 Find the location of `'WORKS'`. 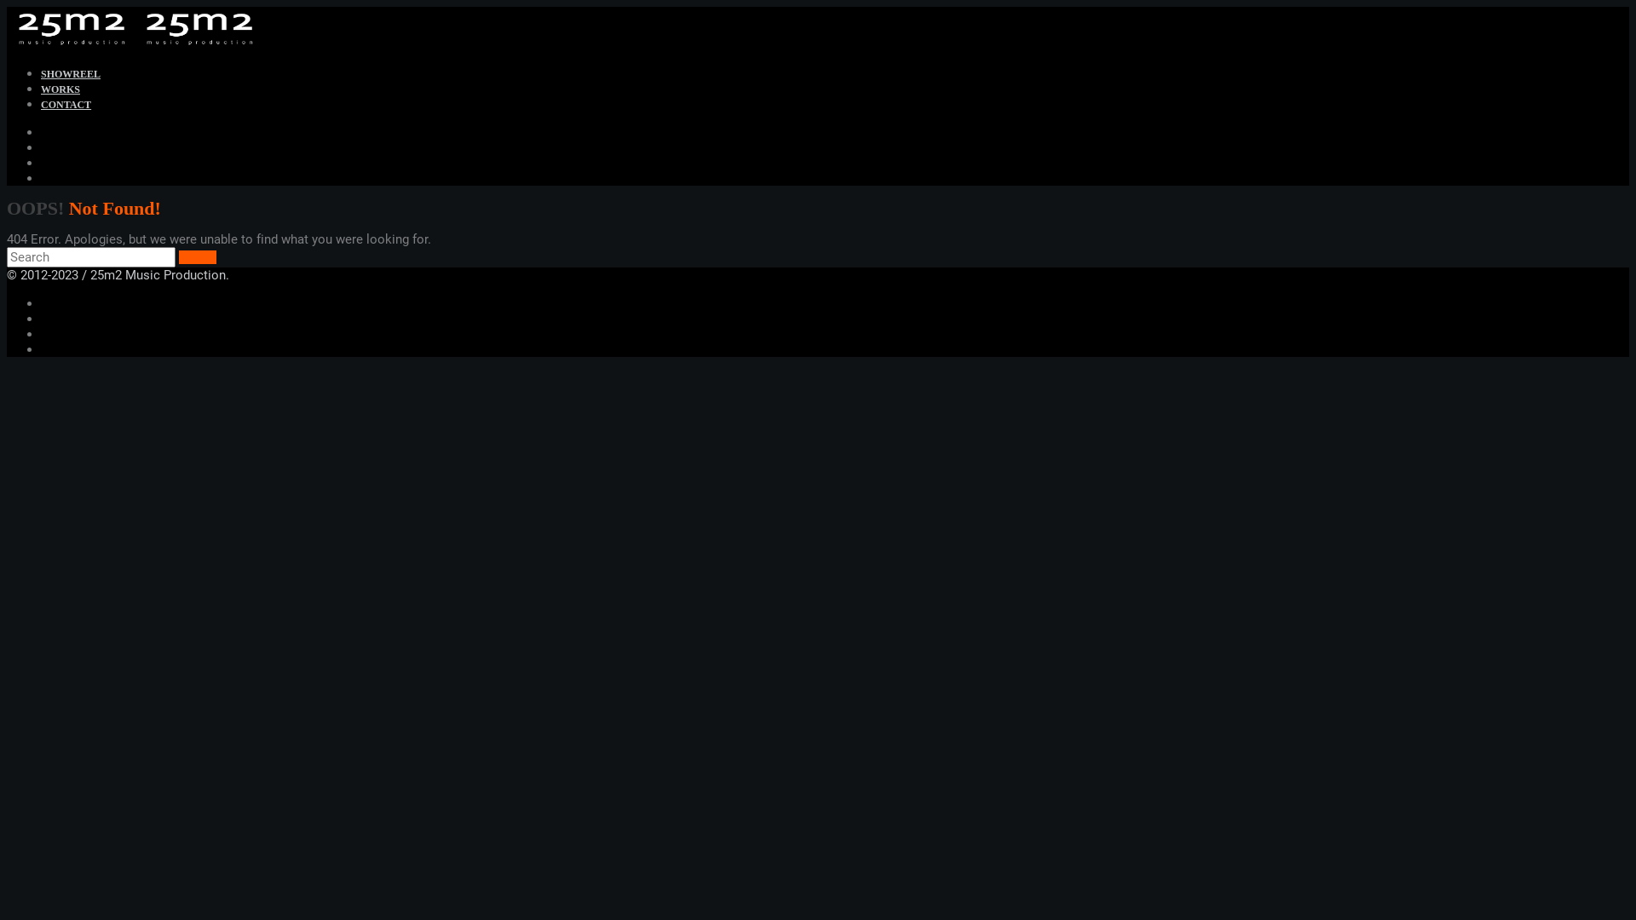

'WORKS' is located at coordinates (60, 89).